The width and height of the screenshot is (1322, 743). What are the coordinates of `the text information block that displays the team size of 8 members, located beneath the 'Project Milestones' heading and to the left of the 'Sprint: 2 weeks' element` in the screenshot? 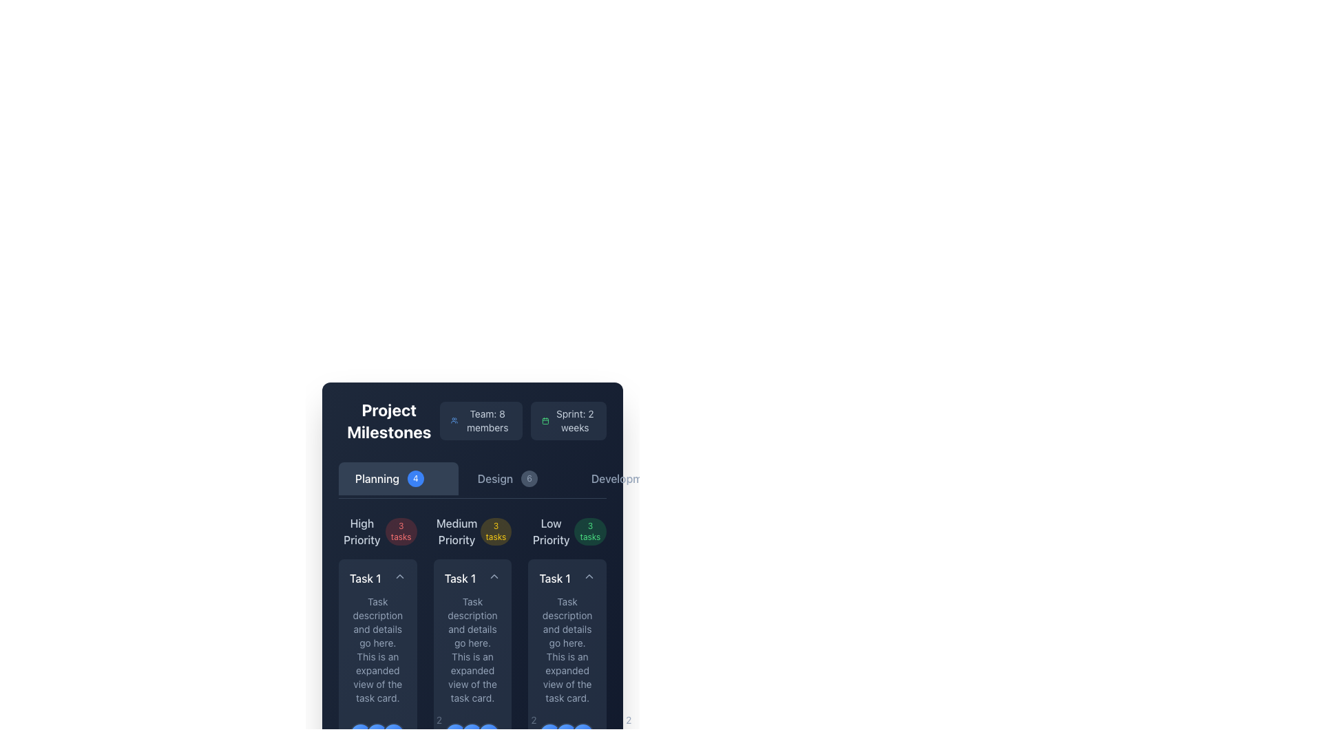 It's located at (481, 420).